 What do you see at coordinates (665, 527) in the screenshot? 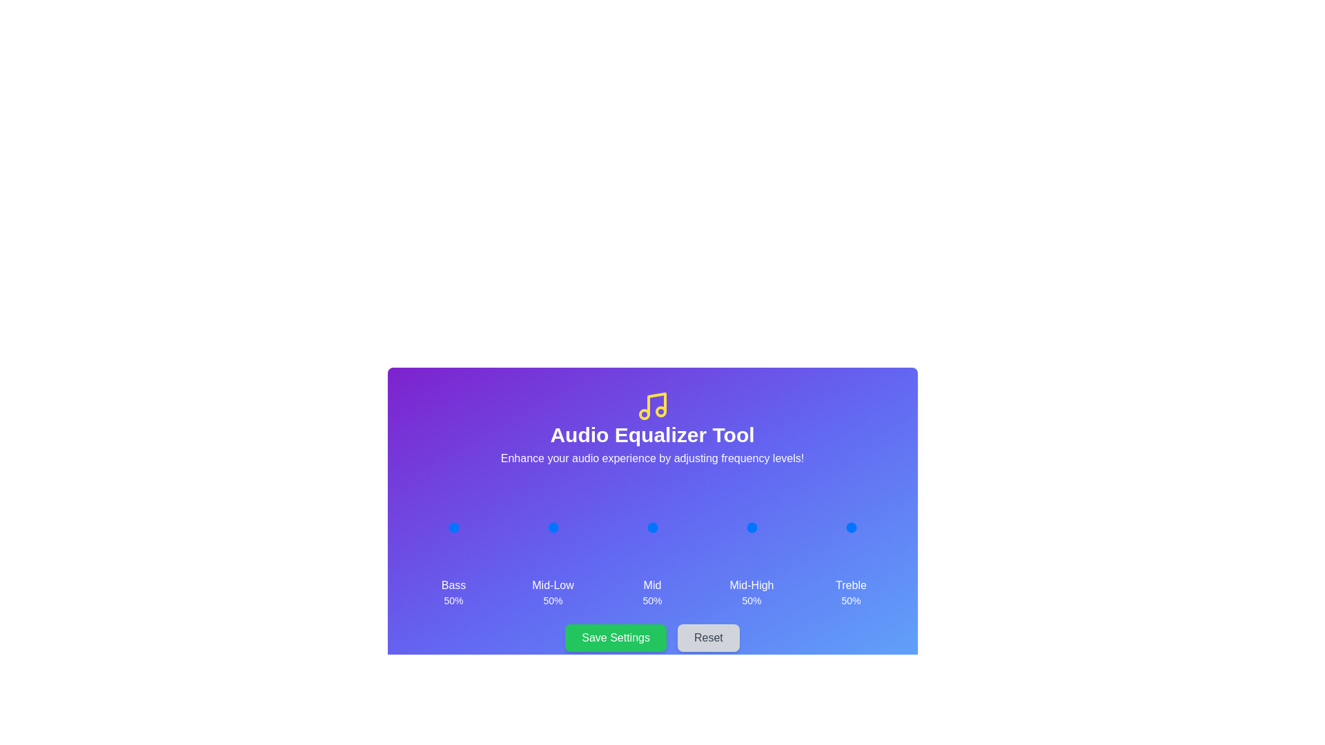
I see `the 2 slider to 79%` at bounding box center [665, 527].